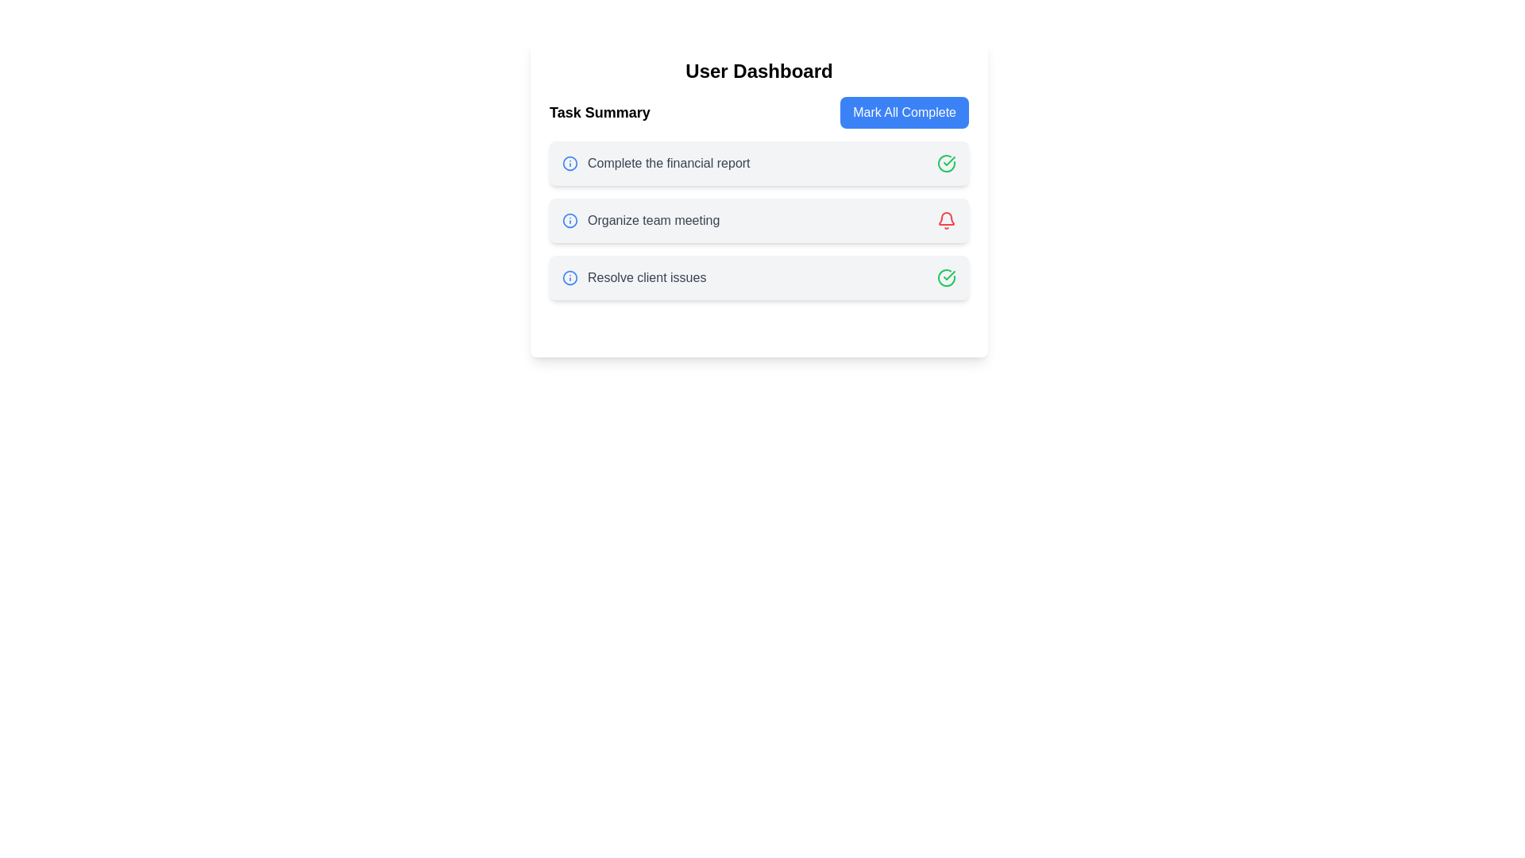  Describe the element at coordinates (758, 220) in the screenshot. I see `the second task item panel in the task list` at that location.